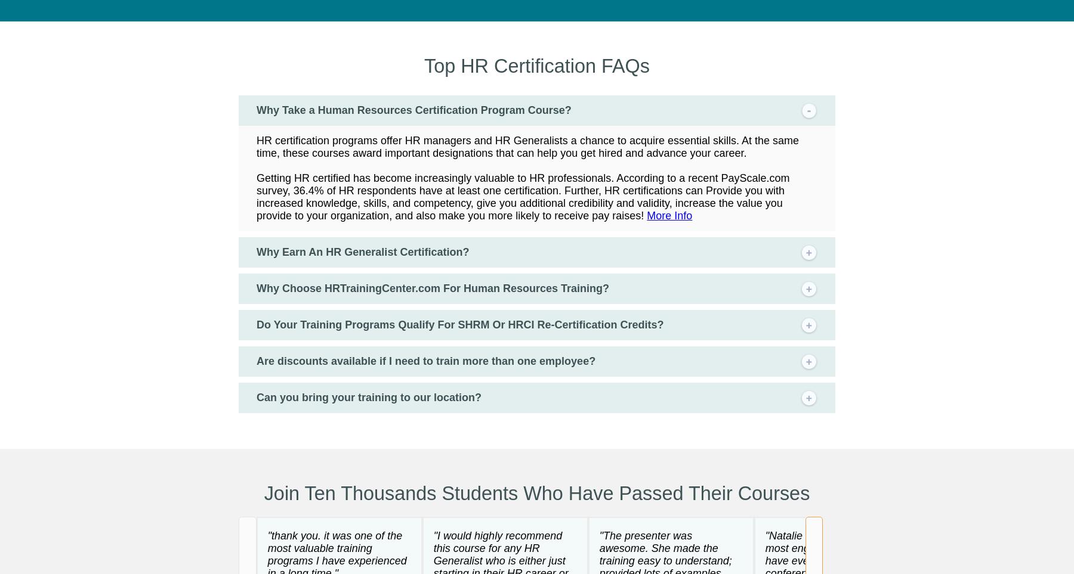  What do you see at coordinates (459, 323) in the screenshot?
I see `'Do Your Training Programs Qualify For SHRM Or HRCI Re-Certification Credits?'` at bounding box center [459, 323].